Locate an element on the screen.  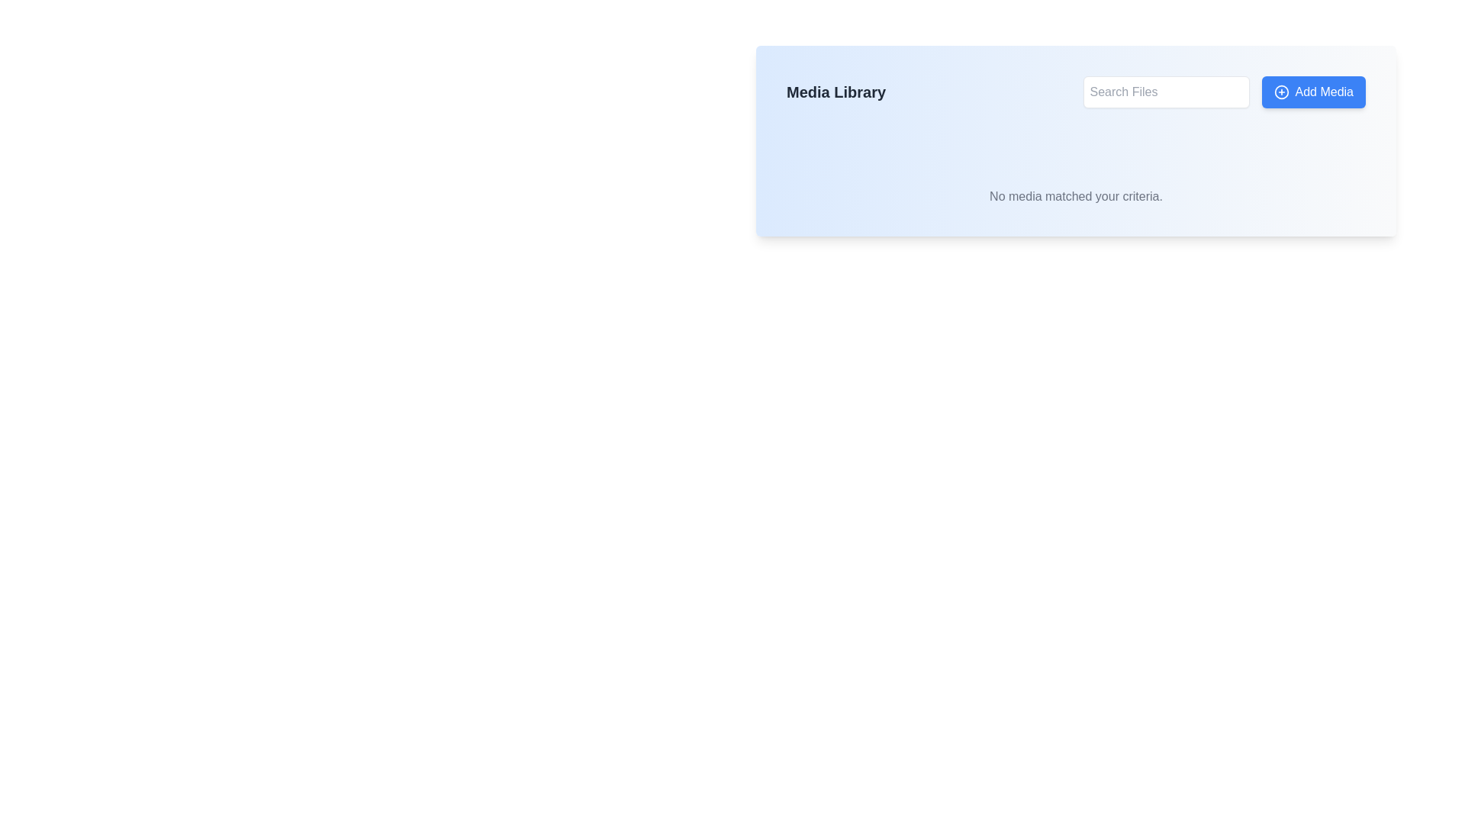
the SVG graphic icon of a circle with a cross, which is part of the 'Add Media' button located in the top-right section of the modal dialog is located at coordinates (1281, 92).